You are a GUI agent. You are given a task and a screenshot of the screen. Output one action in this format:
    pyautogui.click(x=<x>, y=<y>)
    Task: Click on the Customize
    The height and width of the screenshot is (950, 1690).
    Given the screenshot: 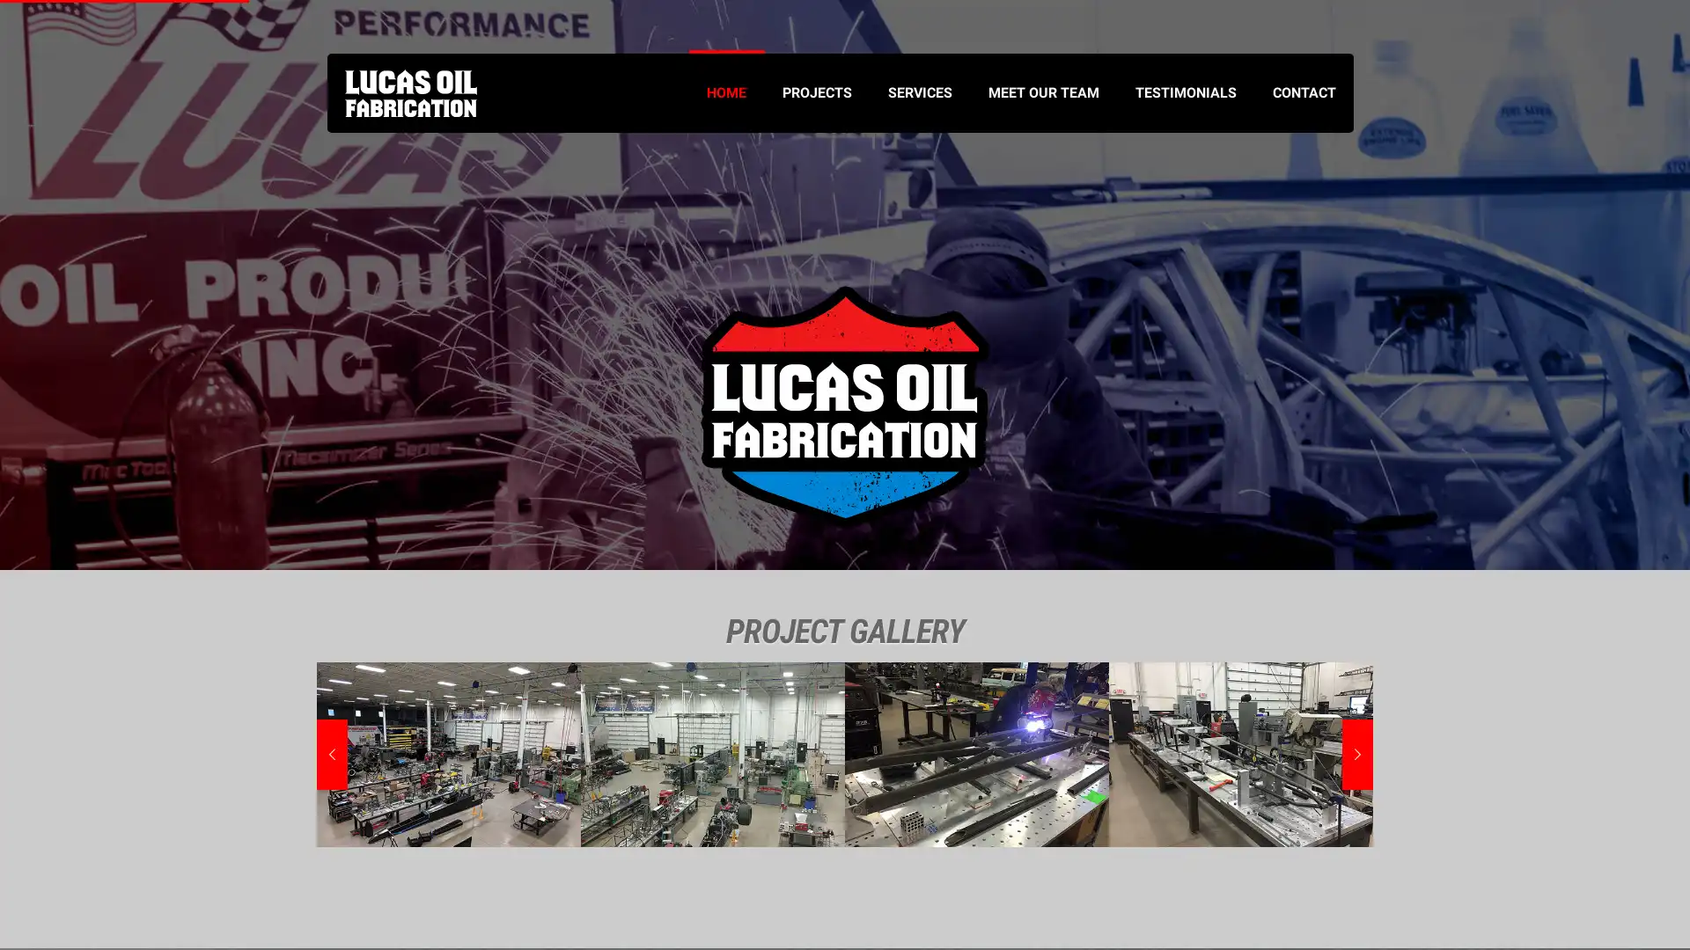 What is the action you would take?
    pyautogui.click(x=114, y=876)
    